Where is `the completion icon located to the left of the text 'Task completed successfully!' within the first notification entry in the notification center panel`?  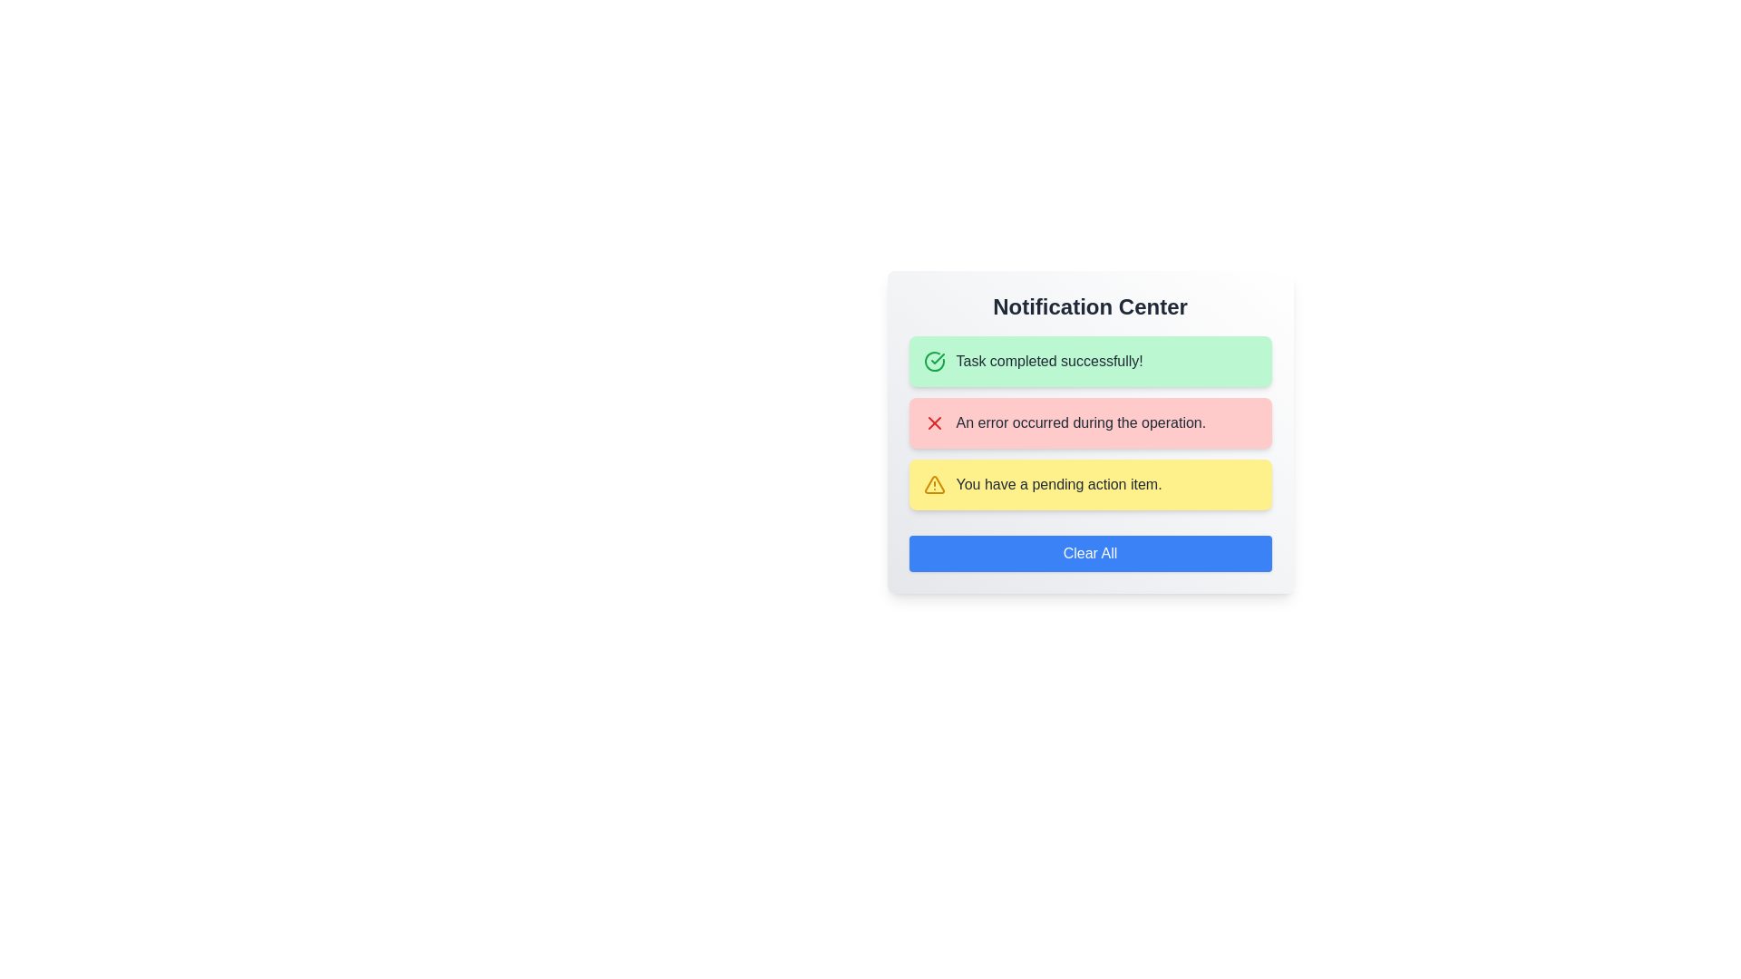 the completion icon located to the left of the text 'Task completed successfully!' within the first notification entry in the notification center panel is located at coordinates (934, 361).